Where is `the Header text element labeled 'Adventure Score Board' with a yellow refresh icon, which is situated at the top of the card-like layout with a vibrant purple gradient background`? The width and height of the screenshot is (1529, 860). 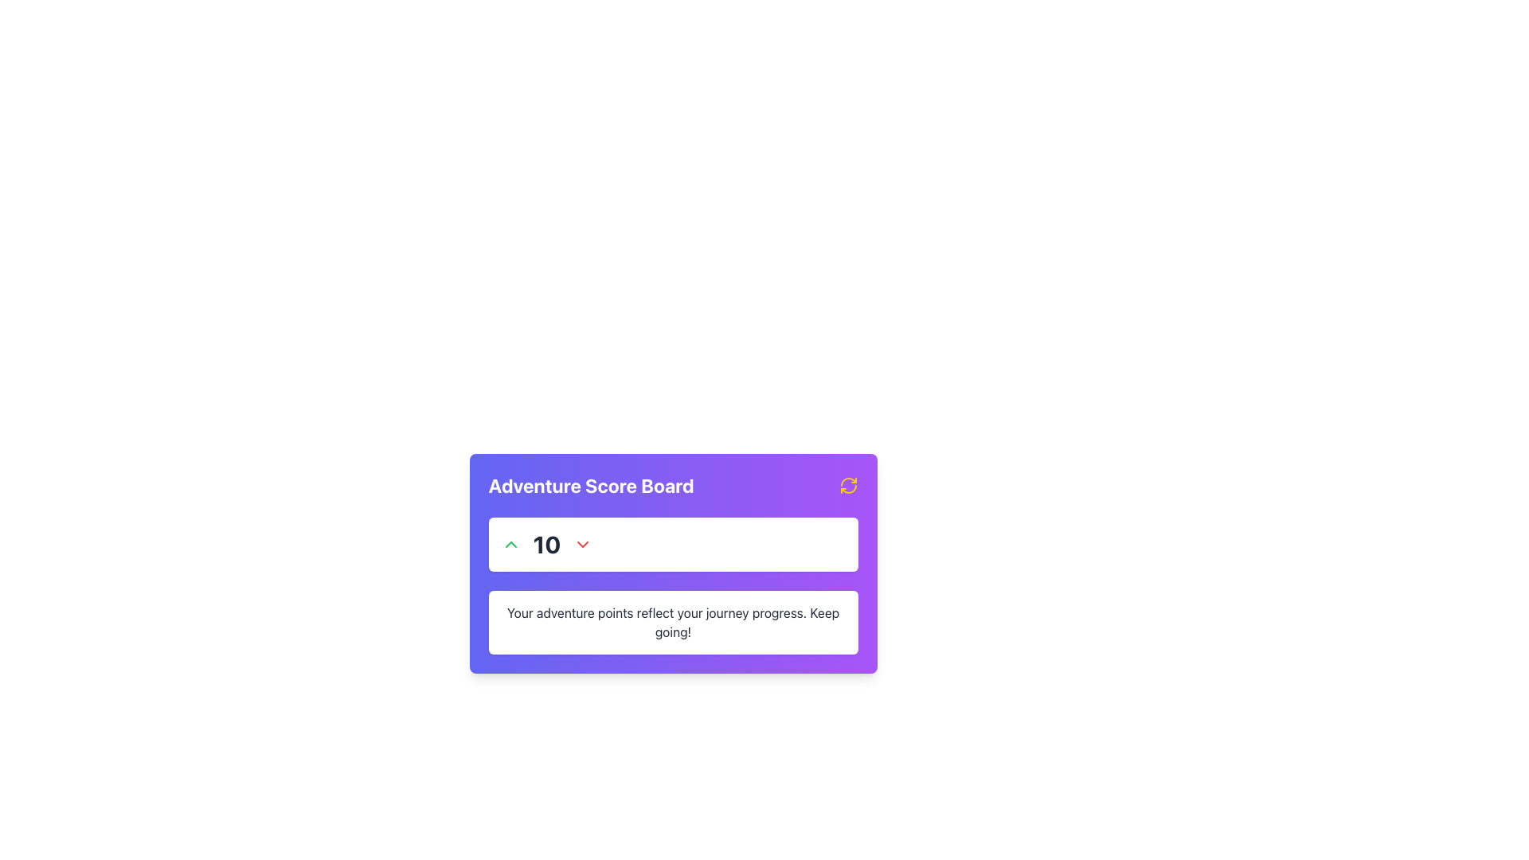 the Header text element labeled 'Adventure Score Board' with a yellow refresh icon, which is situated at the top of the card-like layout with a vibrant purple gradient background is located at coordinates (673, 484).